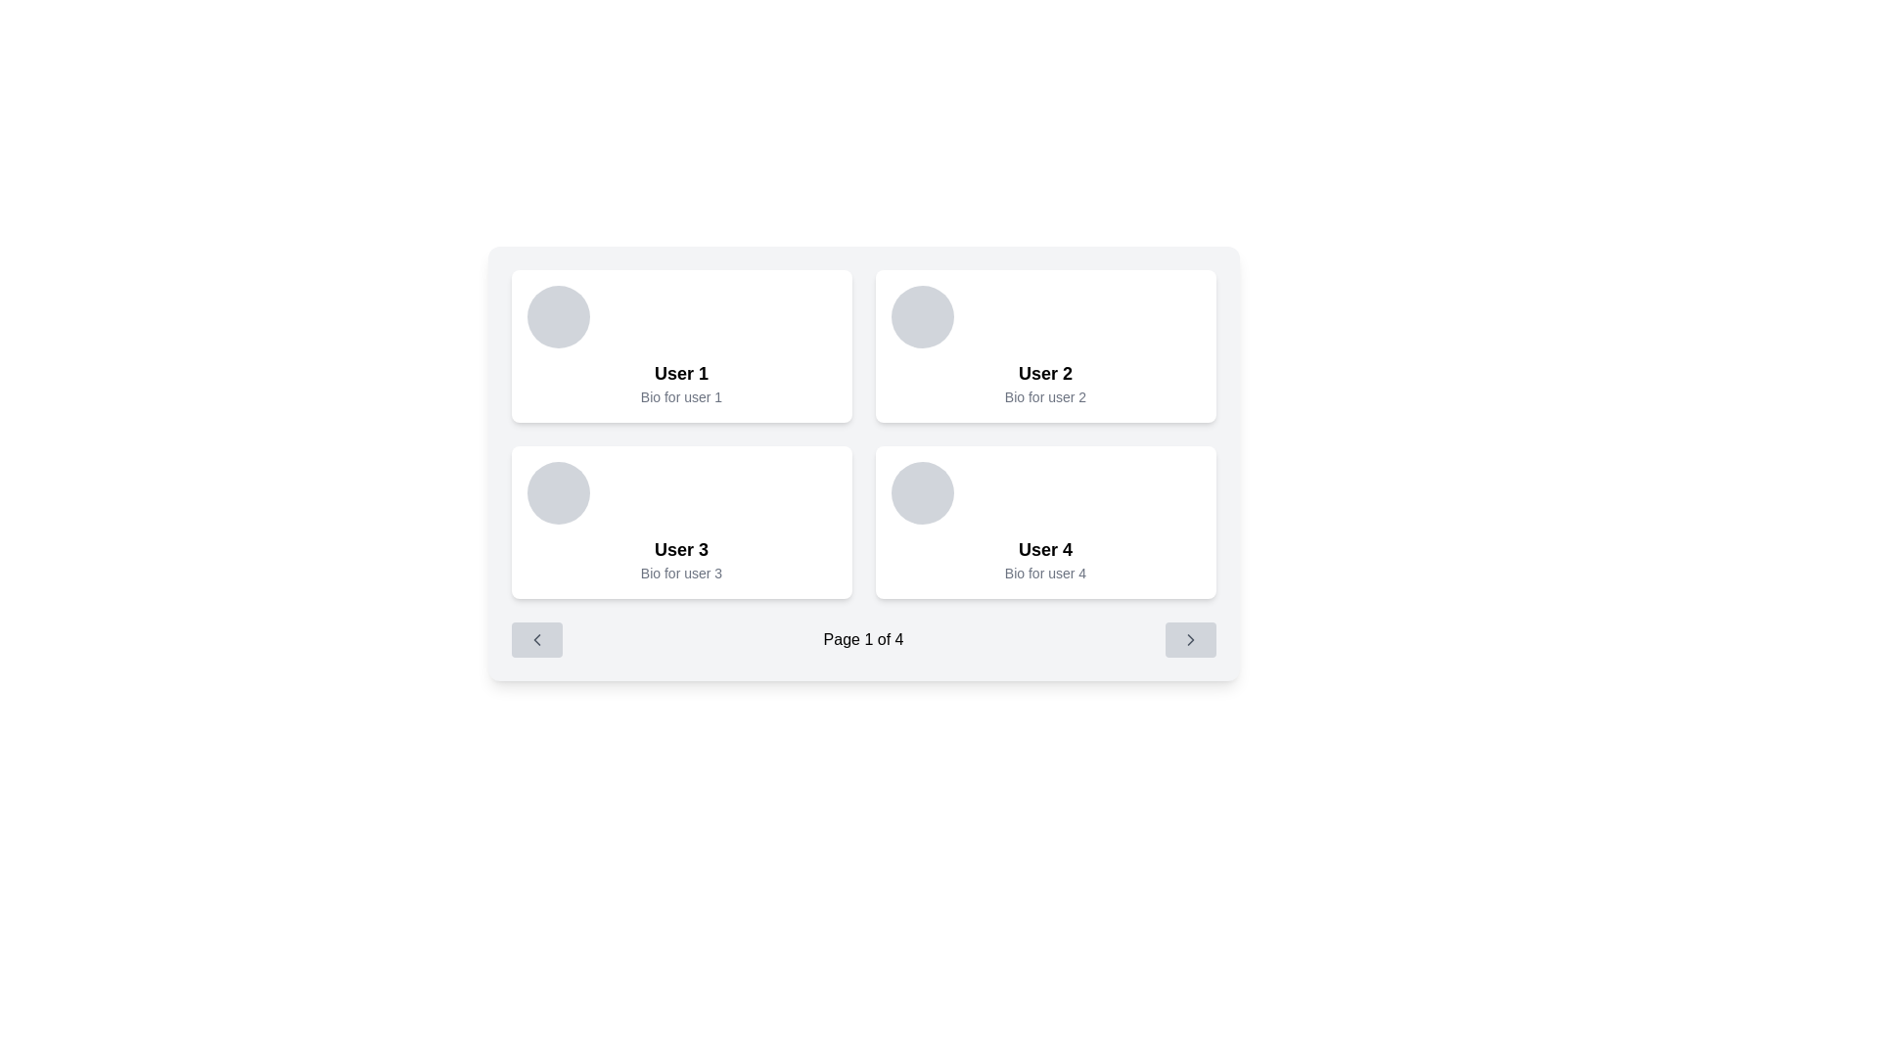 Image resolution: width=1879 pixels, height=1057 pixels. What do you see at coordinates (557, 316) in the screenshot?
I see `the circular profile picture placeholder located at the top-left section of the card, which has a gray background and rounded border` at bounding box center [557, 316].